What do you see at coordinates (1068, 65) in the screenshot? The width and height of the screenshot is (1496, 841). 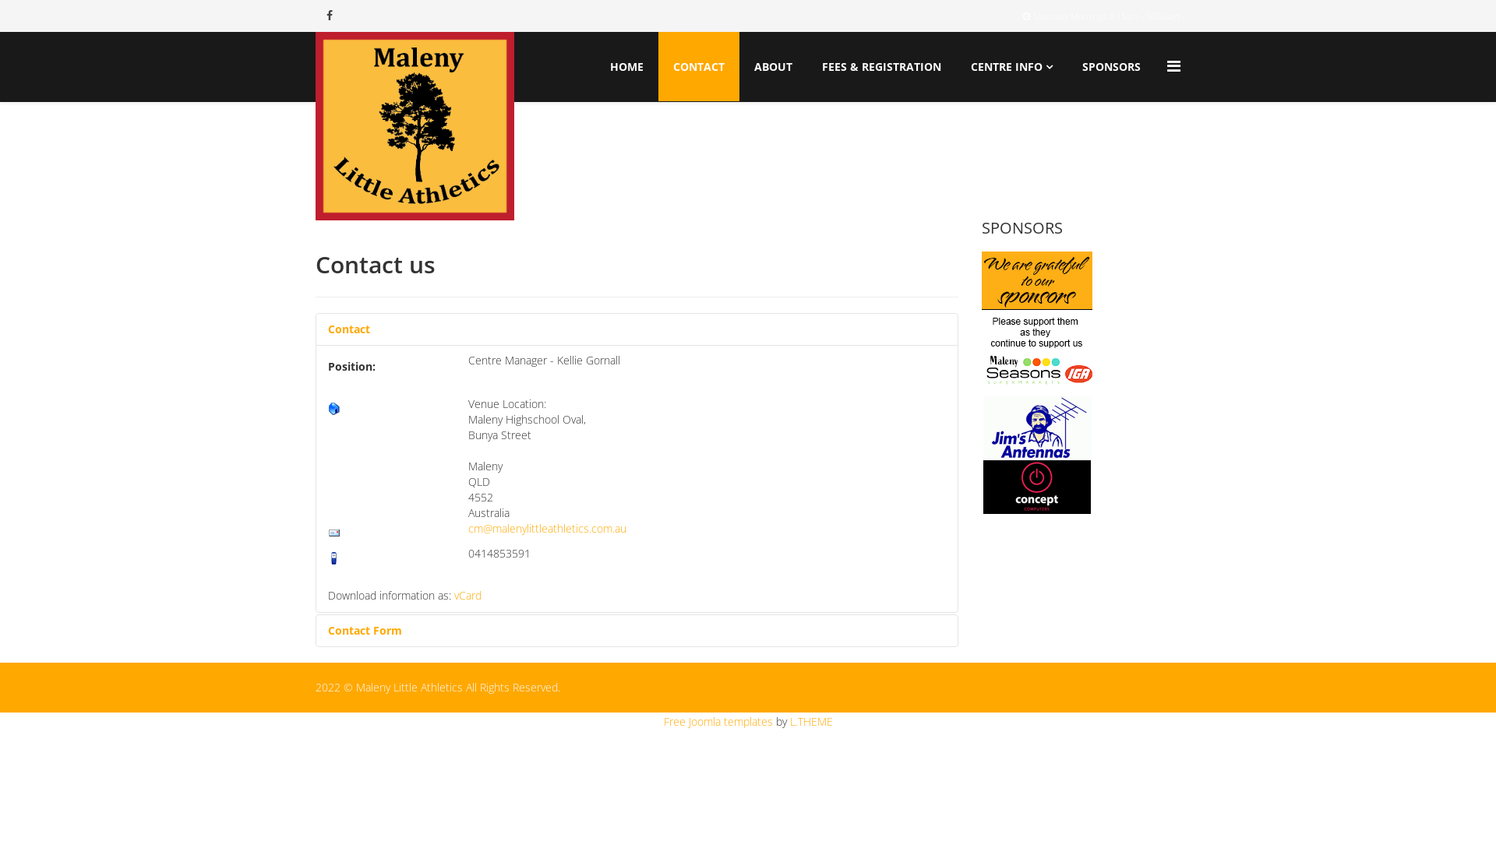 I see `'SPONSORS'` at bounding box center [1068, 65].